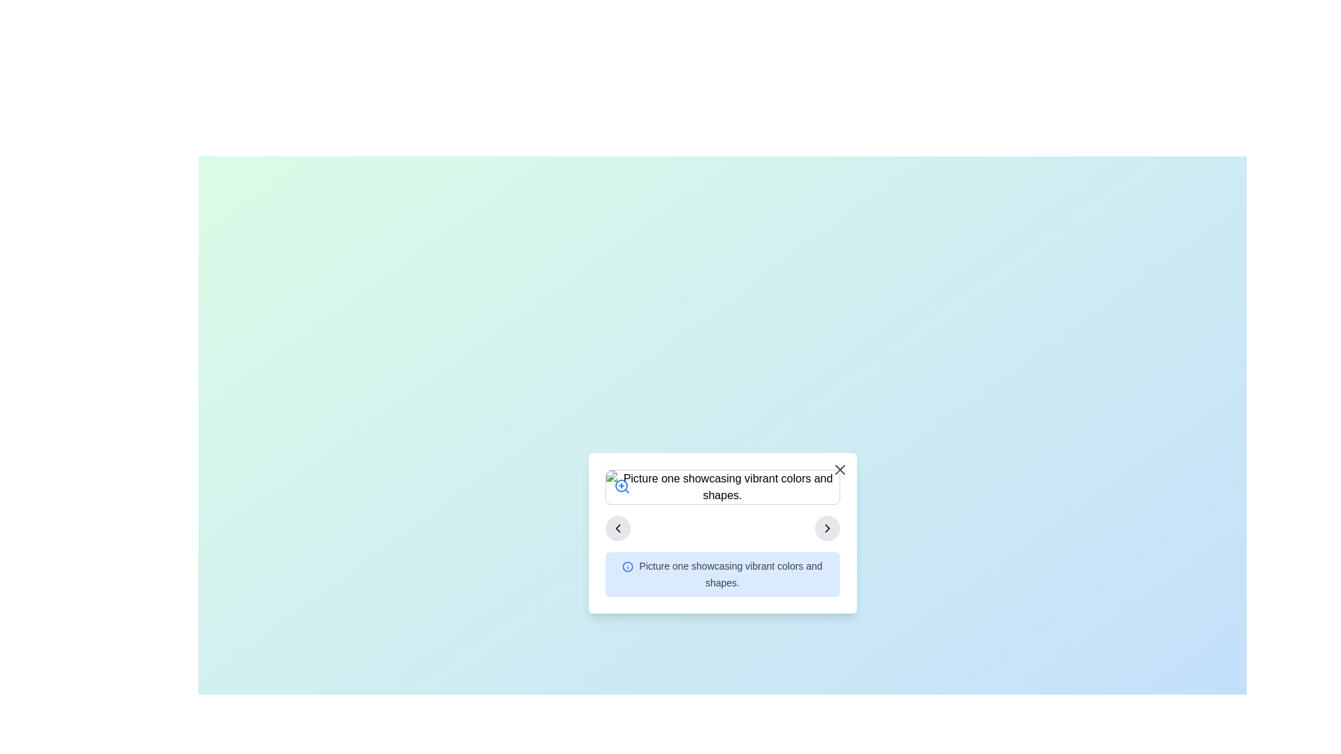 This screenshot has width=1341, height=754. I want to click on the close button represented by an 'X' icon in the top-right corner of the modal dialog box to change its color, so click(839, 469).